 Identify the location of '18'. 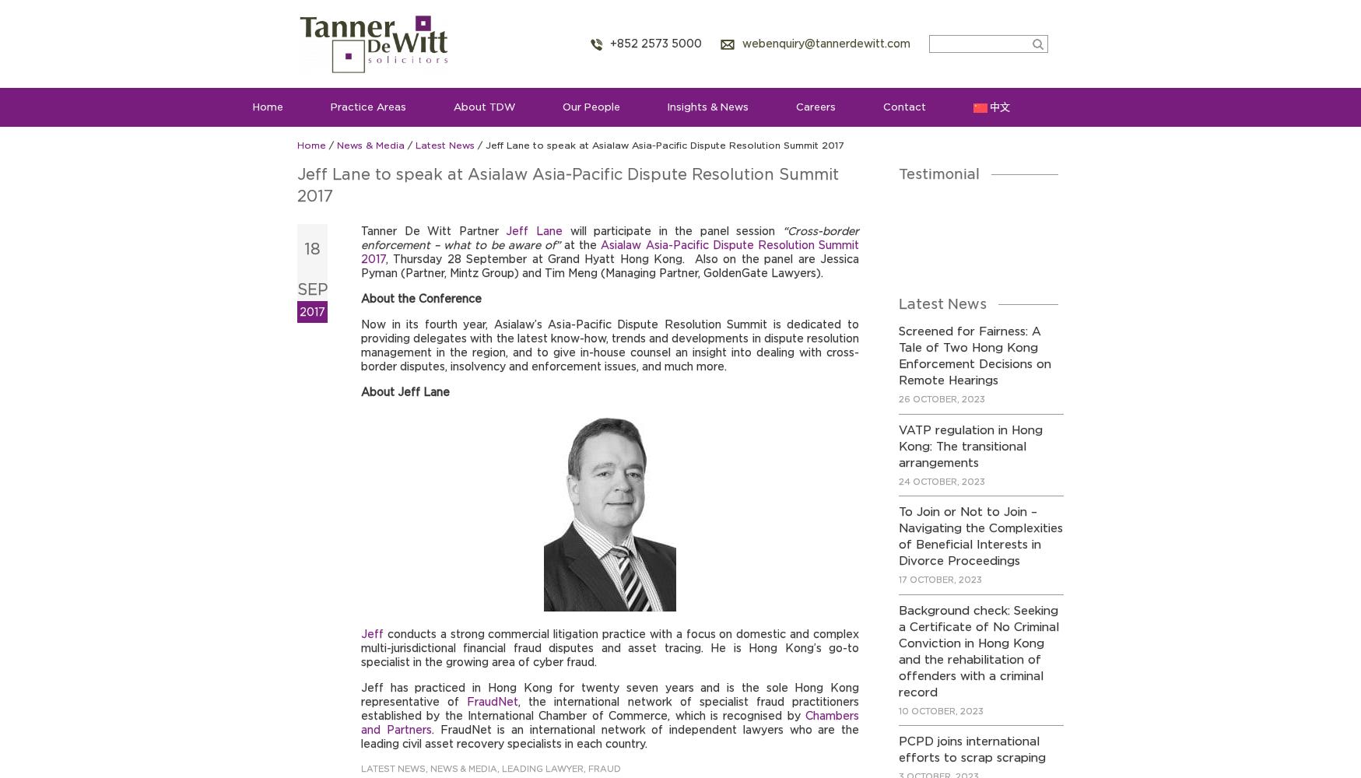
(312, 248).